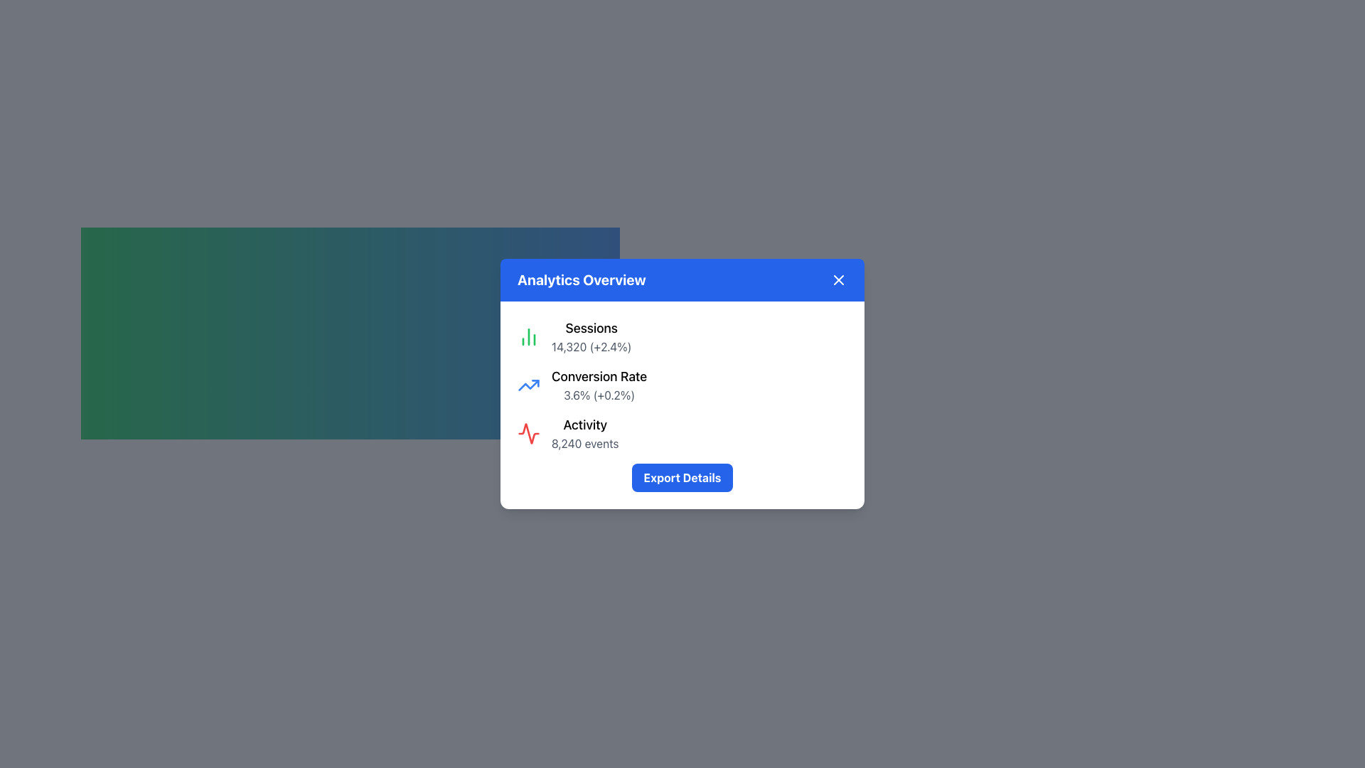 The height and width of the screenshot is (768, 1365). I want to click on the label that describes the conversion rate metric located in the middle section of the 'Analytics Overview' popup, positioned below the 'Sessions' label and above the text '3.6% (+0.2%)', so click(599, 375).